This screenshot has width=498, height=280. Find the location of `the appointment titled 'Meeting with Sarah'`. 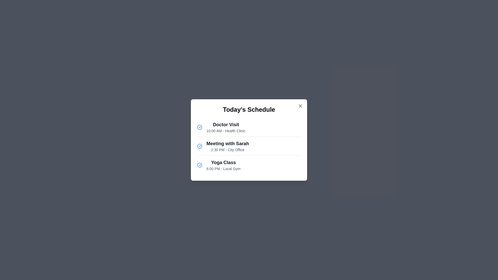

the appointment titled 'Meeting with Sarah' is located at coordinates (228, 146).